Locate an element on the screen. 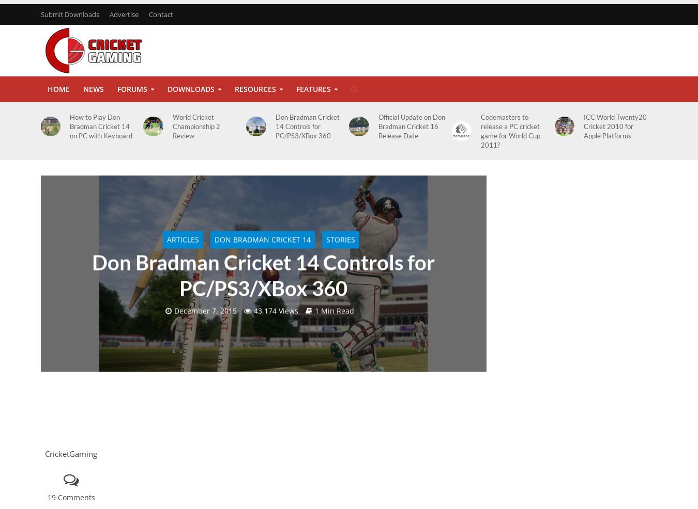 This screenshot has width=698, height=509. 'Don Bradman Cricket 14' is located at coordinates (214, 239).